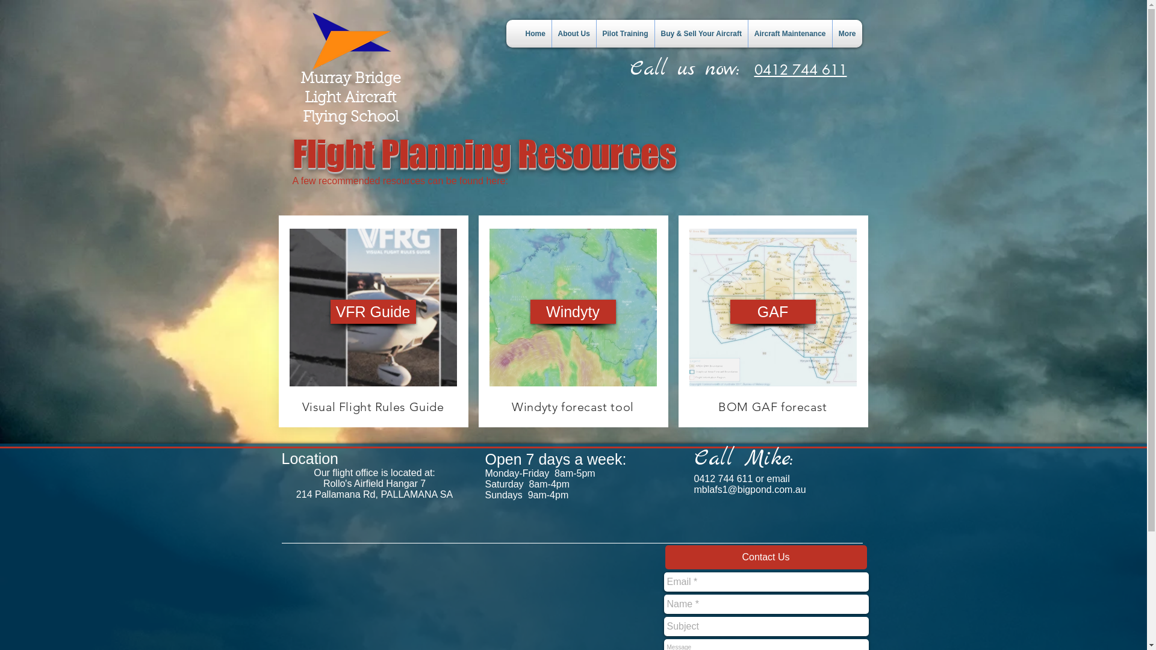 Image resolution: width=1156 pixels, height=650 pixels. What do you see at coordinates (701, 33) in the screenshot?
I see `'Buy & Sell Your Aircraft'` at bounding box center [701, 33].